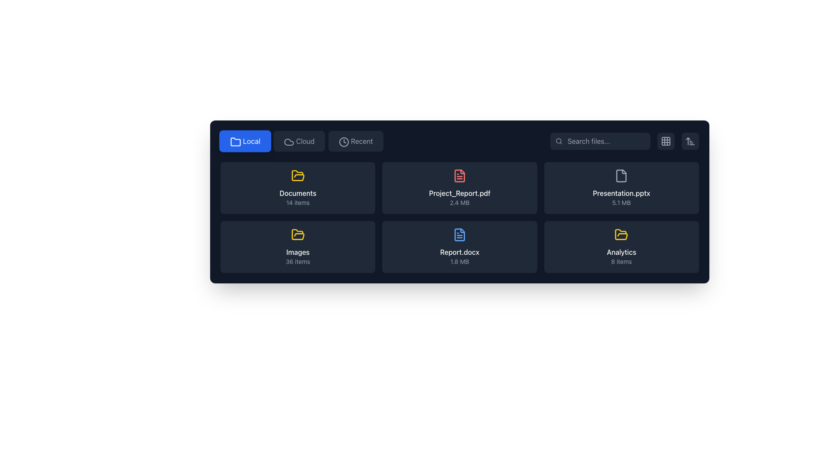  I want to click on the text label displaying '14 items' located below the title 'Documents' in the first card of the file grid section, so click(298, 202).